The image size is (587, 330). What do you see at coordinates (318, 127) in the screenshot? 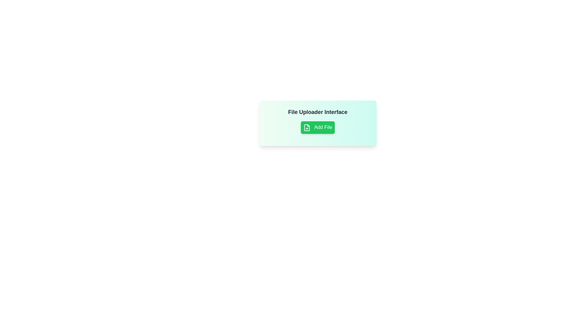
I see `the button for adding files, located beneath the 'File Uploader Interface' heading` at bounding box center [318, 127].